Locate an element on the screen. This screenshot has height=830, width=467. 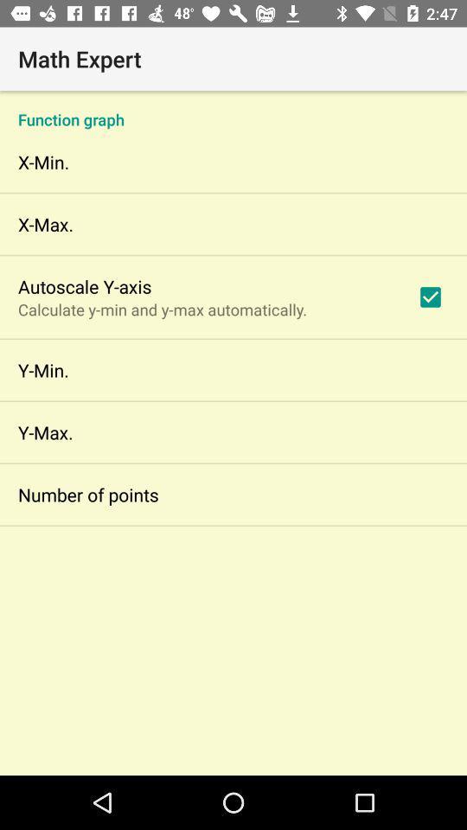
the item below x-max. icon is located at coordinates (84, 286).